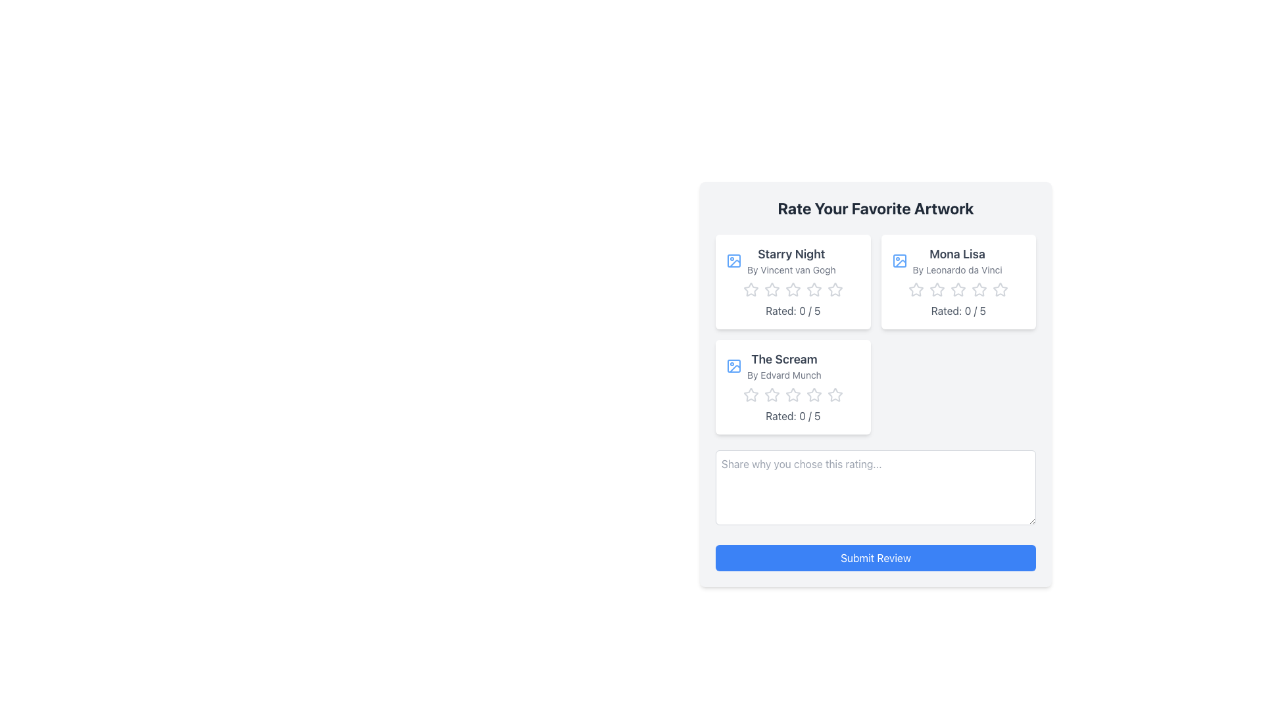  I want to click on the third star icon in the rating area below the 'Mona Lisa' card, so click(958, 289).